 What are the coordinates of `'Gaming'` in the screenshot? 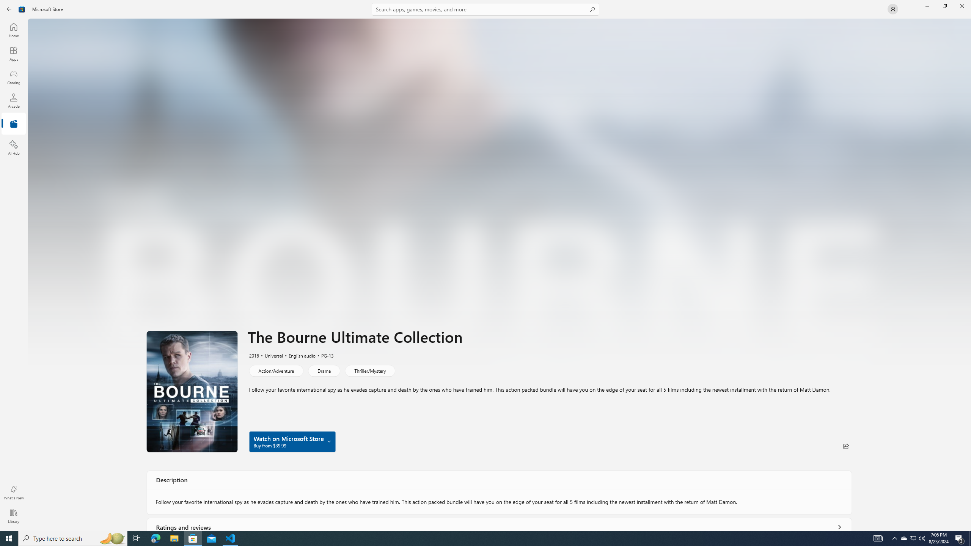 It's located at (13, 77).